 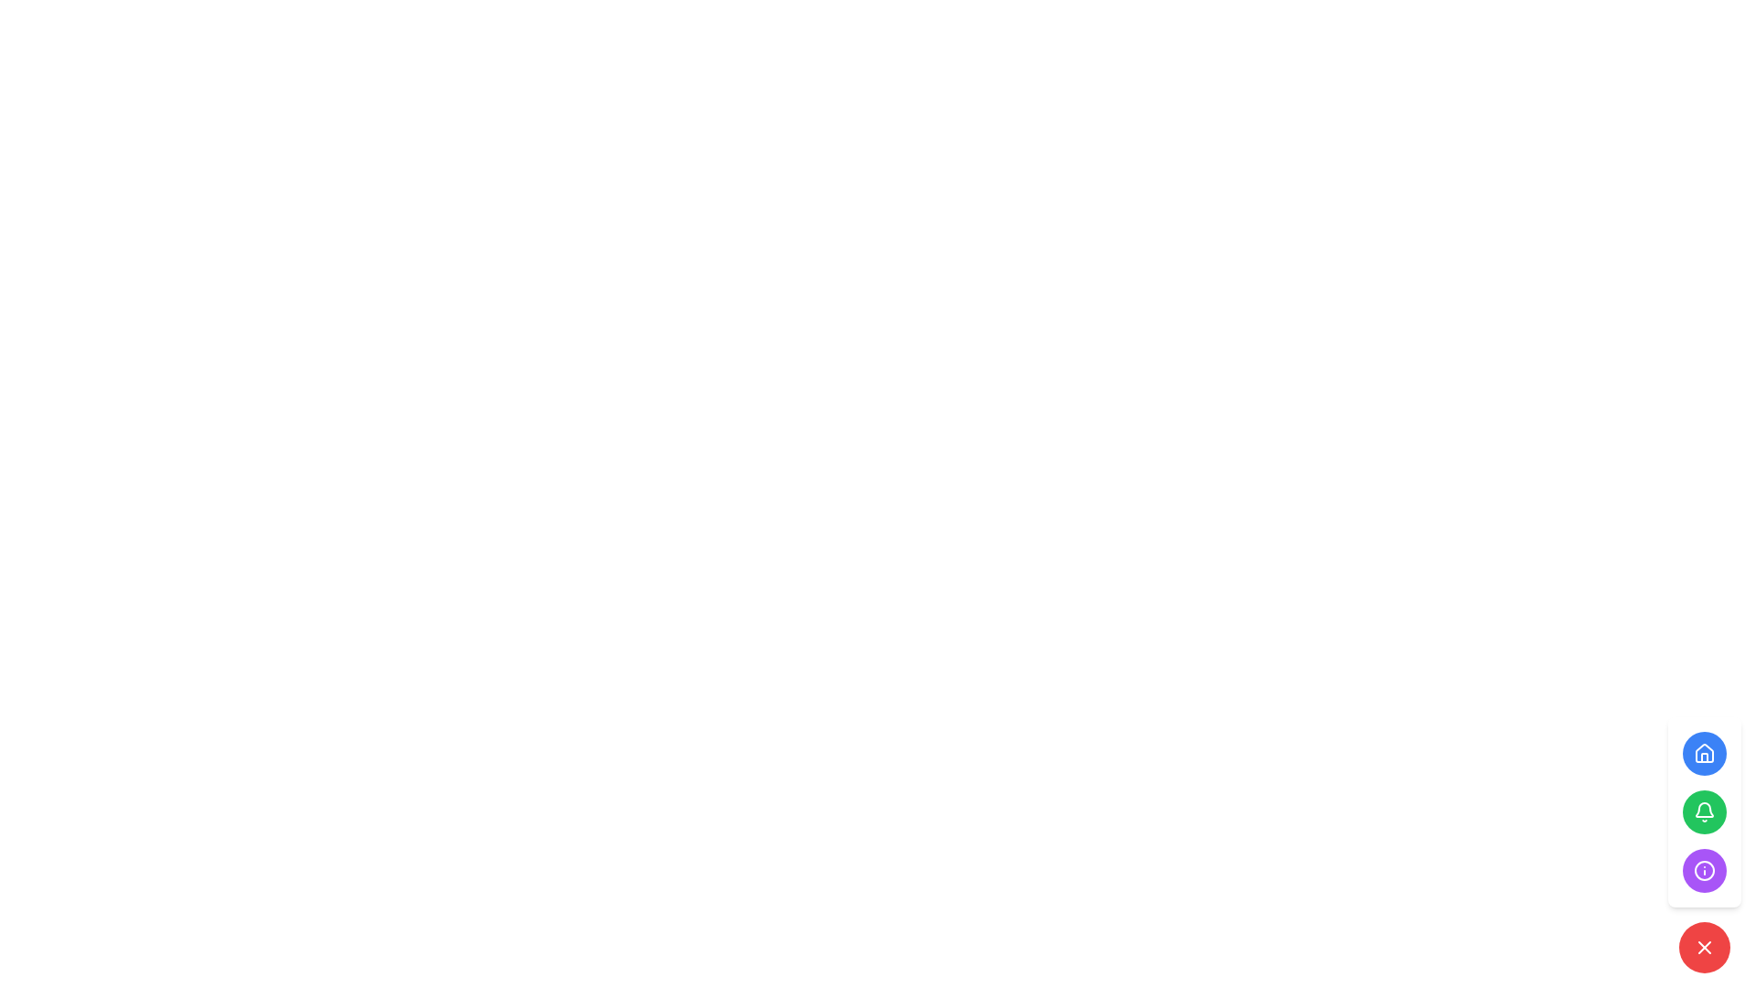 What do you see at coordinates (1703, 811) in the screenshot?
I see `the middle circular button in the vertical stack, which has a green background and a white bell icon` at bounding box center [1703, 811].